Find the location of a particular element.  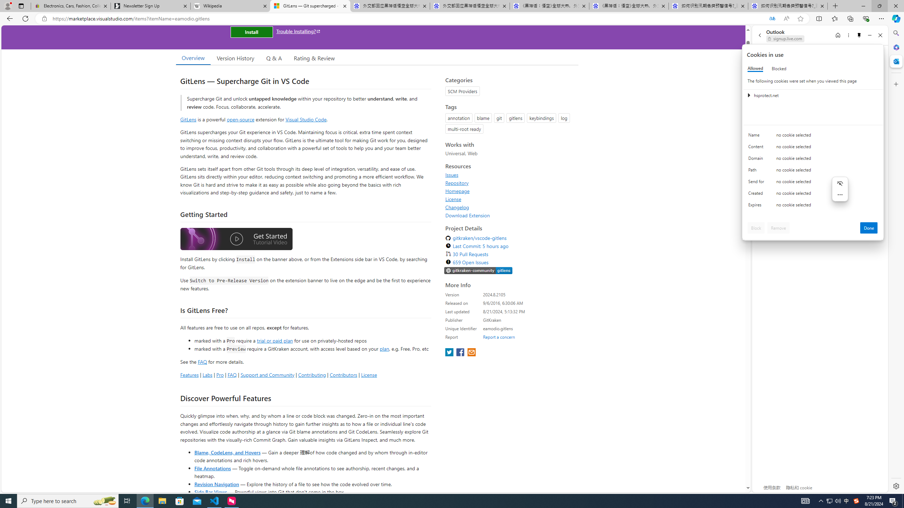

'Class: c0153 c0157' is located at coordinates (813, 206).